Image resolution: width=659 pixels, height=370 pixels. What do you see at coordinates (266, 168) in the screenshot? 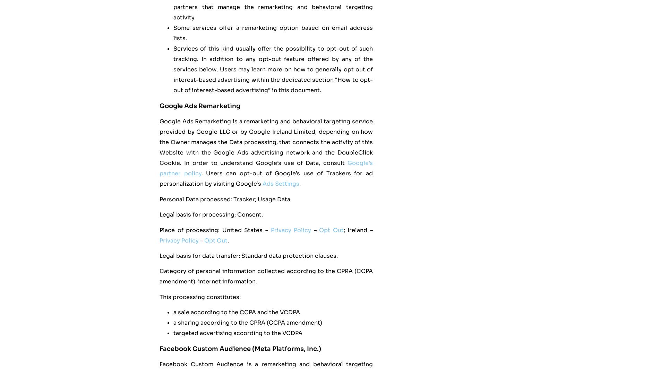
I see `'Google’s partner policy'` at bounding box center [266, 168].